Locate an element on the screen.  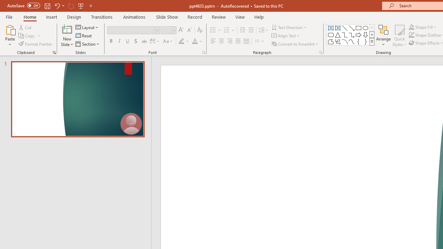
'Change Case' is located at coordinates (168, 41).